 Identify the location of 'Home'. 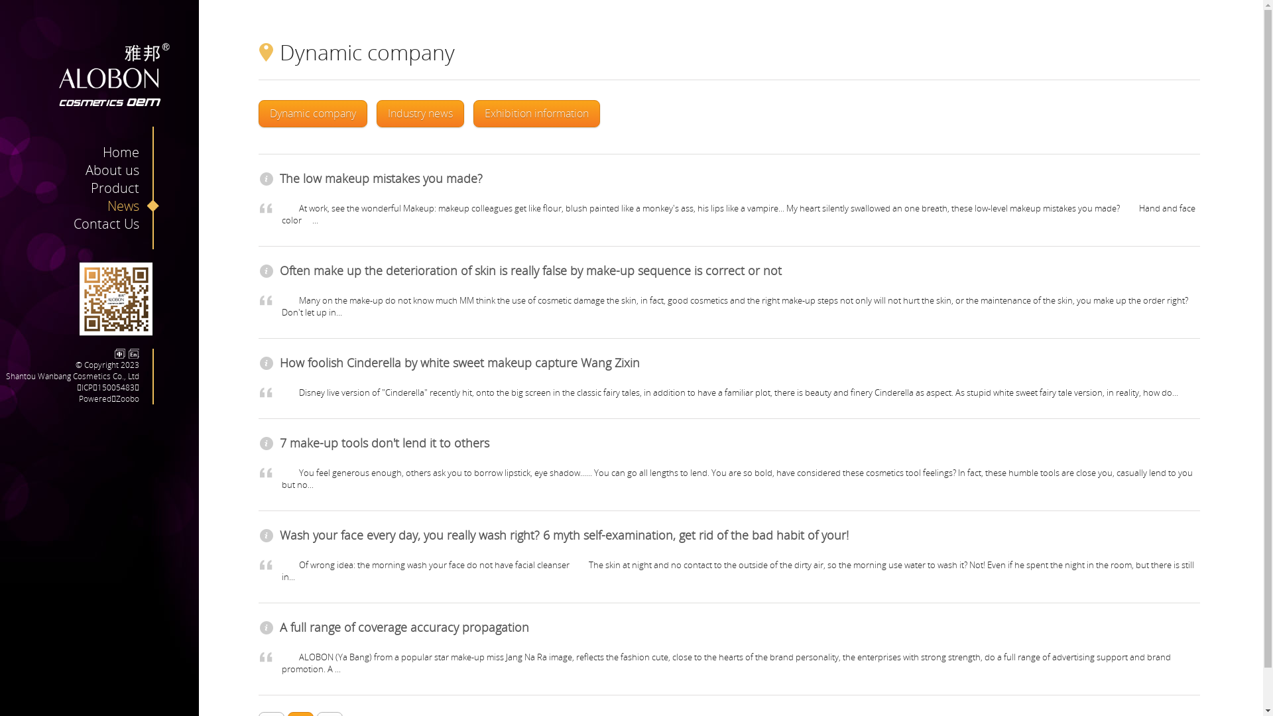
(131, 151).